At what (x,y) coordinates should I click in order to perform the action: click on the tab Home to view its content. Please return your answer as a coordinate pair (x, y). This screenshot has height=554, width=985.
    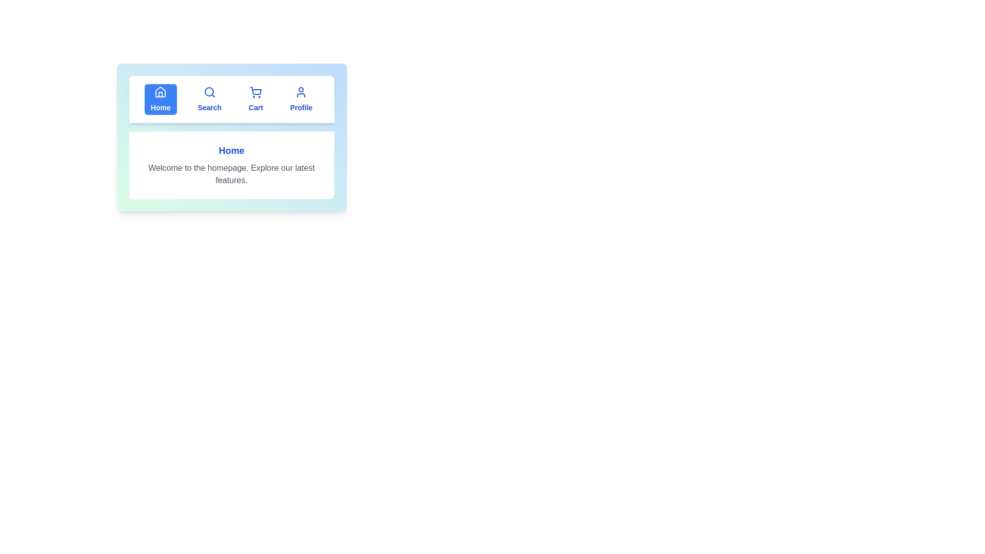
    Looking at the image, I should click on (160, 99).